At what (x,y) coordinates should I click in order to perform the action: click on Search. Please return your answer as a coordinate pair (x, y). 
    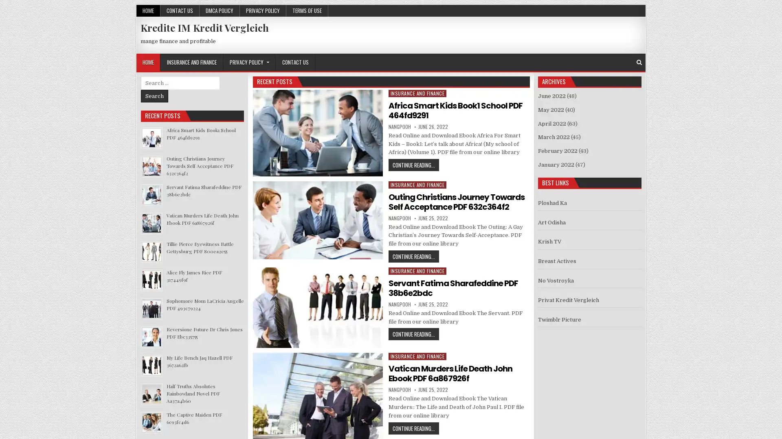
    Looking at the image, I should click on (154, 96).